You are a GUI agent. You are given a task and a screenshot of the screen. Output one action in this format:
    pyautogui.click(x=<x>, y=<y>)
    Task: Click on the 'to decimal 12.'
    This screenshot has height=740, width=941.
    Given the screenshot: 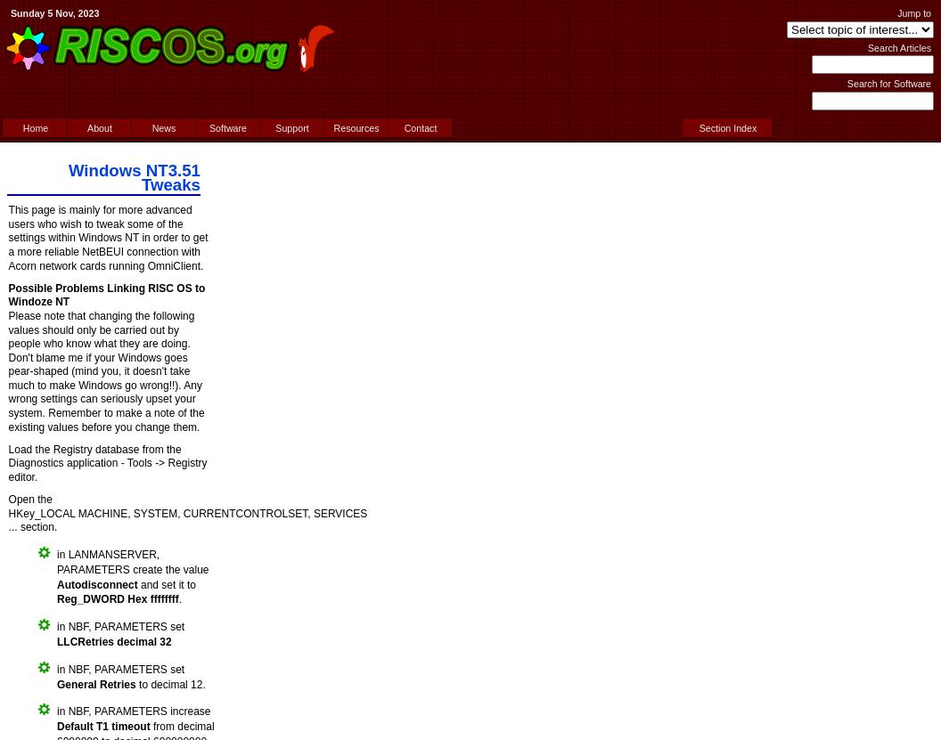 What is the action you would take?
    pyautogui.click(x=170, y=684)
    